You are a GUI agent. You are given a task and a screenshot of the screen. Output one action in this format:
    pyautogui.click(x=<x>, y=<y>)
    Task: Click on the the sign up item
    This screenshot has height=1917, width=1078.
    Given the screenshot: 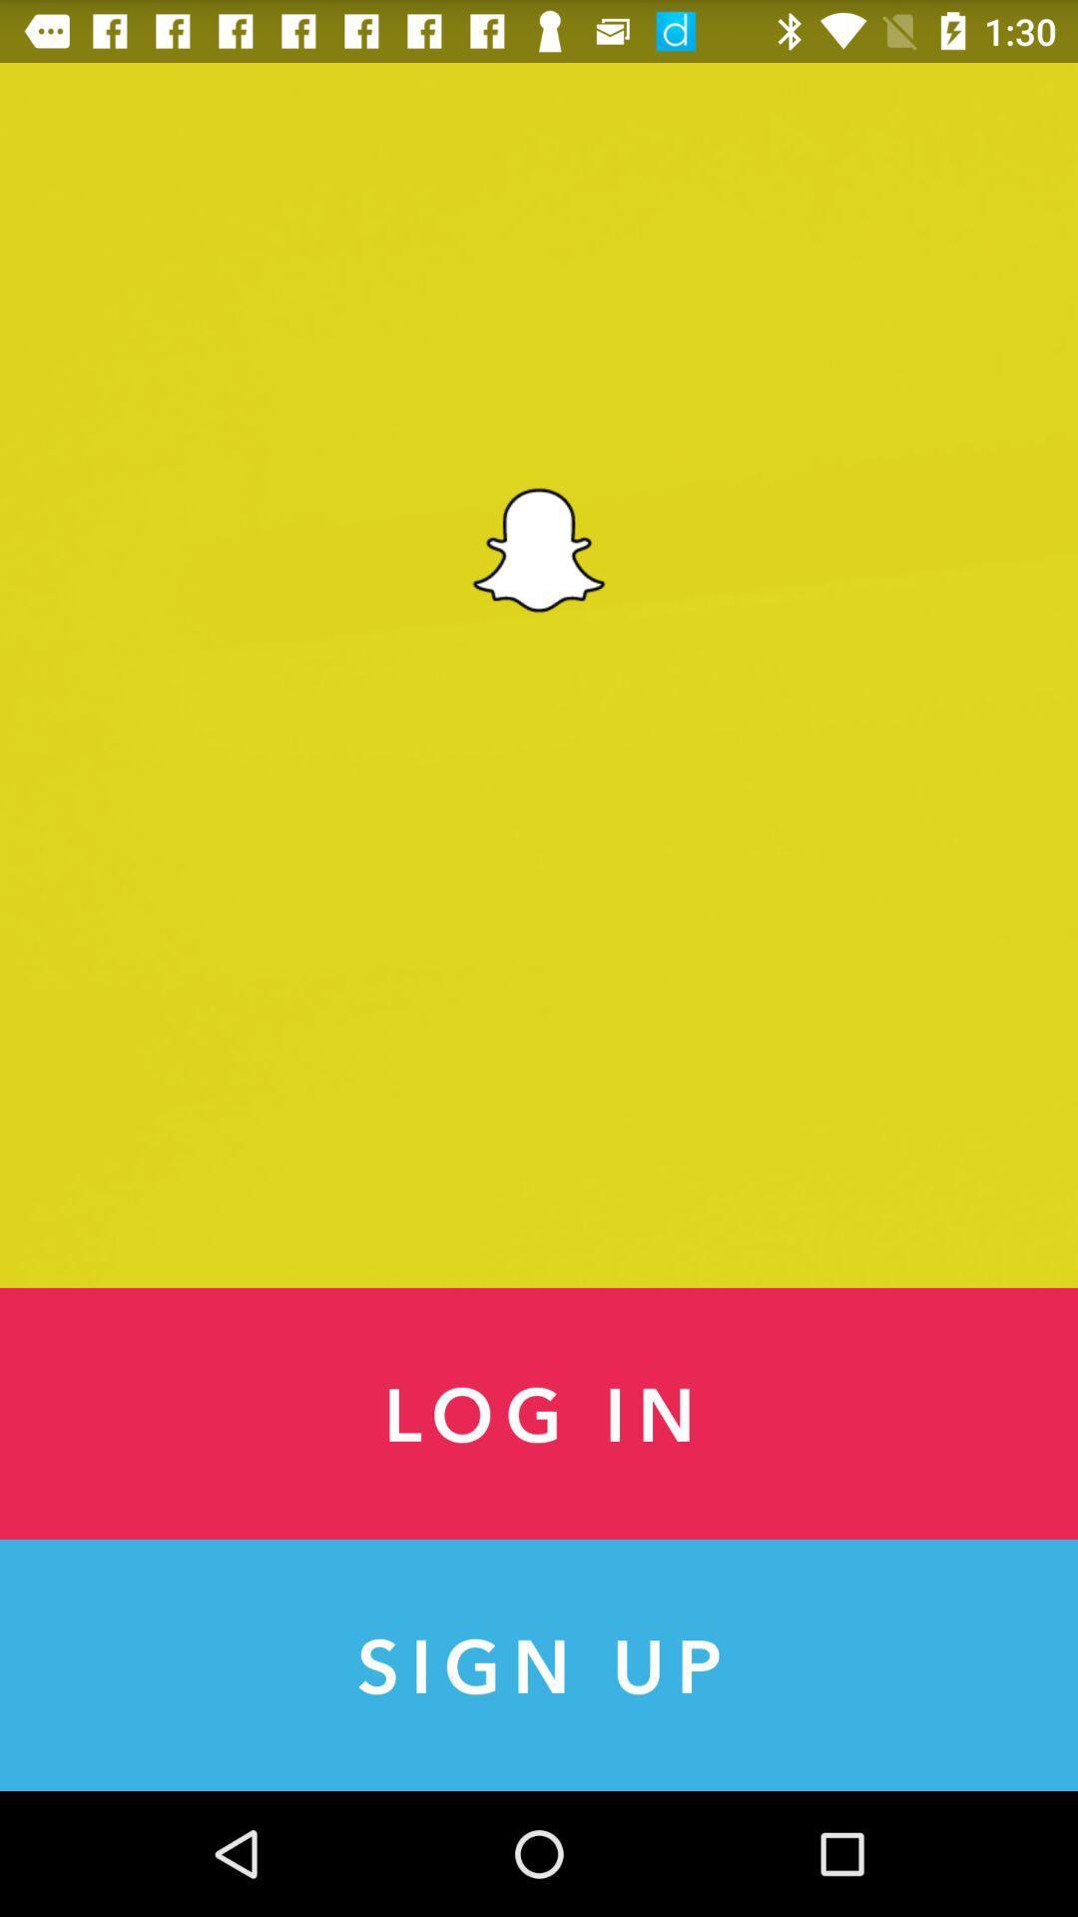 What is the action you would take?
    pyautogui.click(x=539, y=1665)
    